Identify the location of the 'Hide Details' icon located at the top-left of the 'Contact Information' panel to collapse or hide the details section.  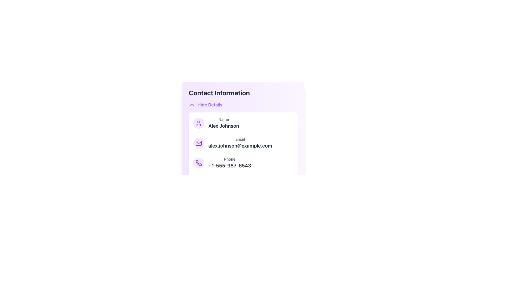
(192, 105).